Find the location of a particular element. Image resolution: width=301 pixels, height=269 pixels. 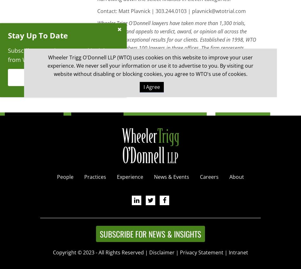

'Contact: Matt Plavnick | 303.244.0103 | plavnick@wtotrial.com' is located at coordinates (171, 10).